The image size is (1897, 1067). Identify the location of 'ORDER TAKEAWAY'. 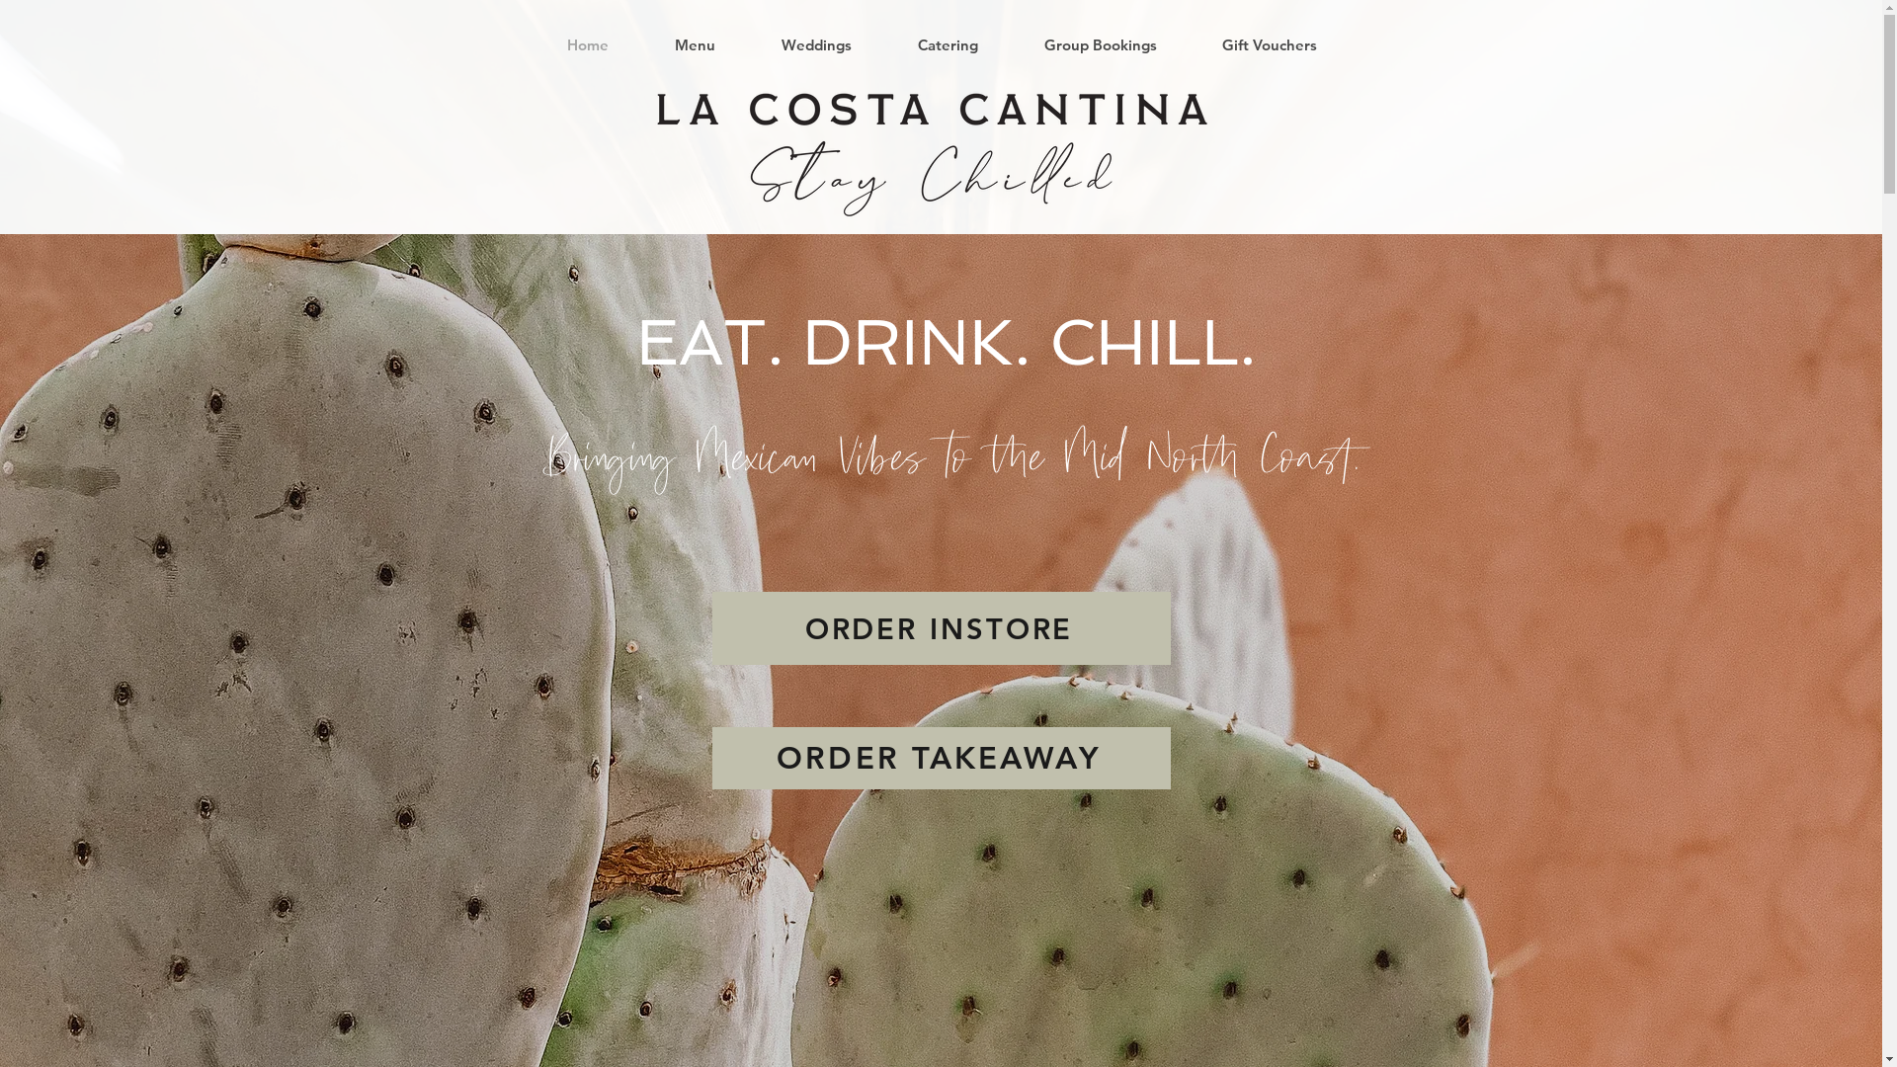
(939, 757).